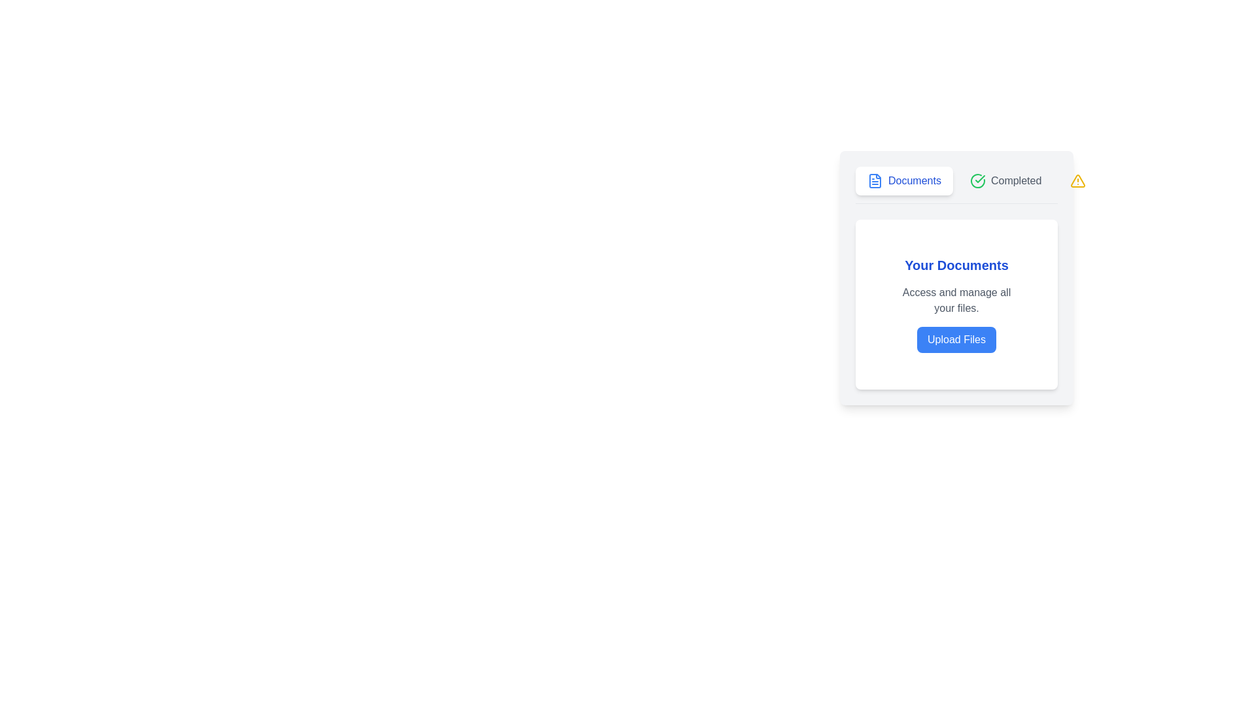 The height and width of the screenshot is (706, 1256). What do you see at coordinates (956, 300) in the screenshot?
I see `the text element that provides context for 'Your Documents', located centrally beneath the heading and above the 'Upload Files' button` at bounding box center [956, 300].